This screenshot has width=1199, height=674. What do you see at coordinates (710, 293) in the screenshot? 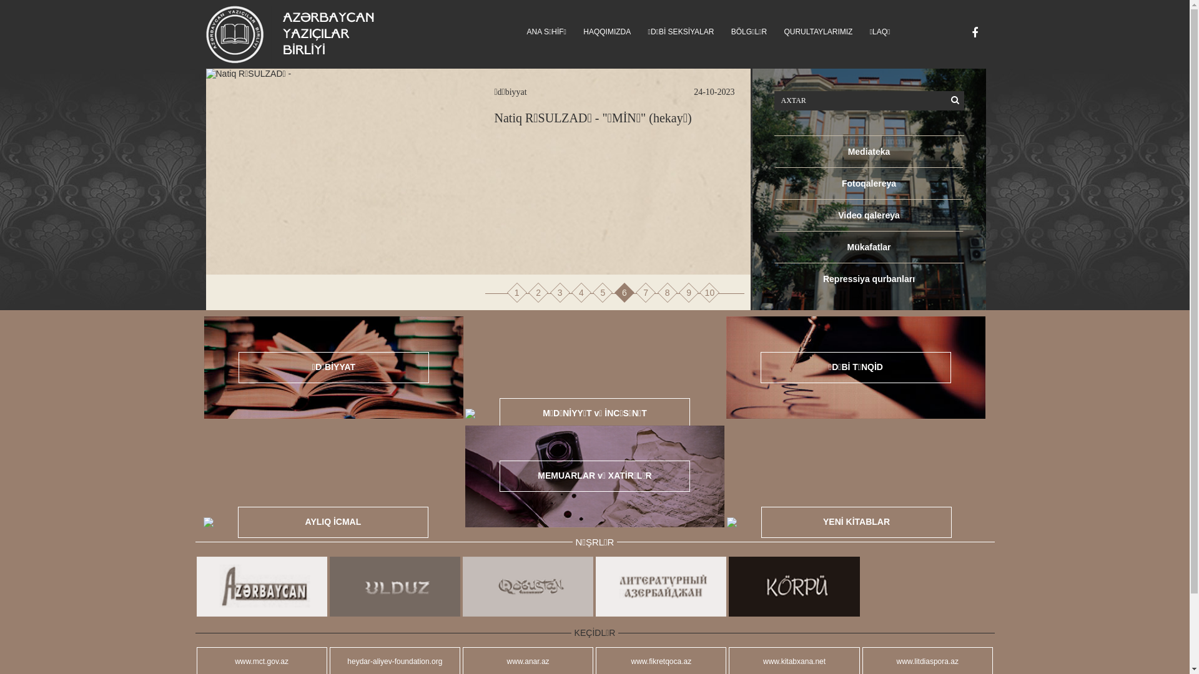
I see `'10'` at bounding box center [710, 293].